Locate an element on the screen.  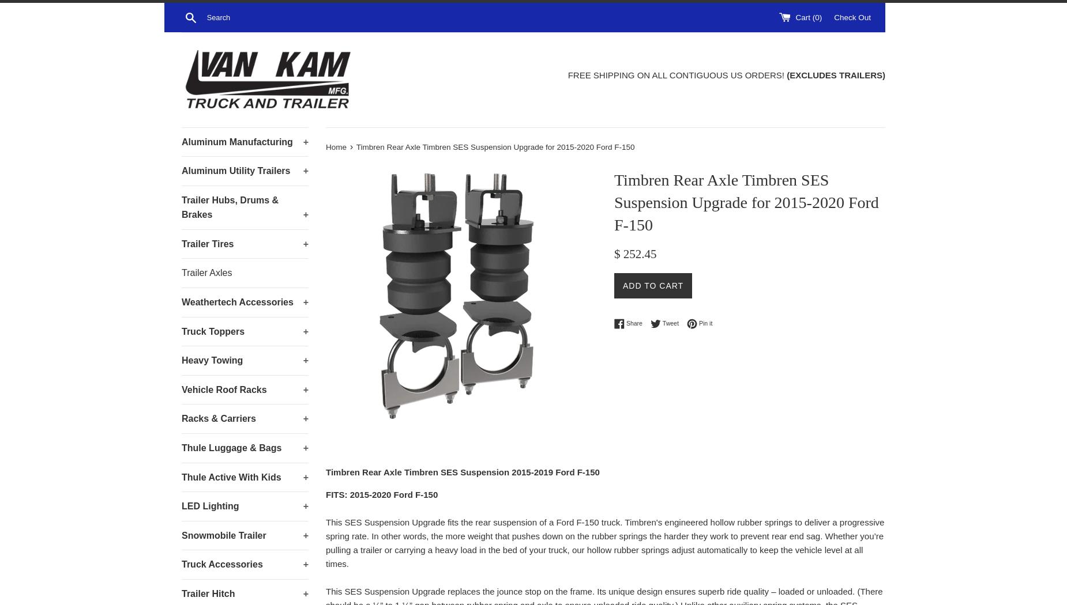
'Check Out' is located at coordinates (852, 17).